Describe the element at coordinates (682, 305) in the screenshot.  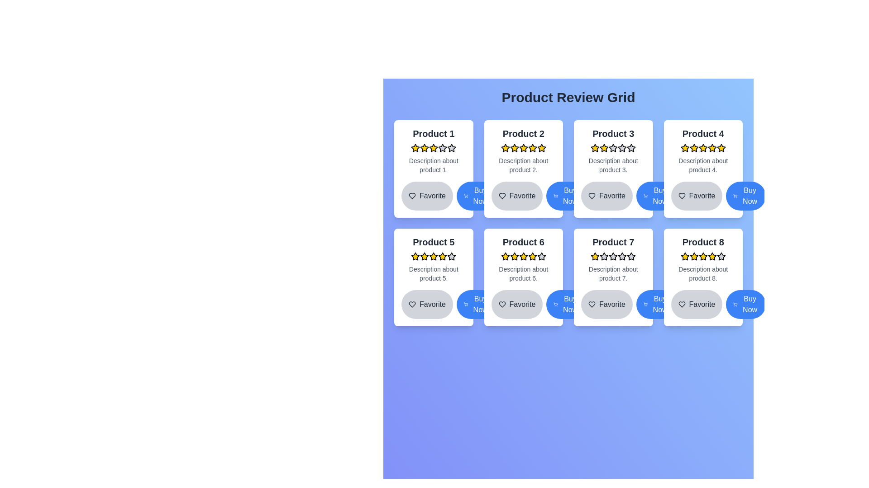
I see `the heart-shaped icon within the 'Favorite' button in the 'Product 8' card` at that location.